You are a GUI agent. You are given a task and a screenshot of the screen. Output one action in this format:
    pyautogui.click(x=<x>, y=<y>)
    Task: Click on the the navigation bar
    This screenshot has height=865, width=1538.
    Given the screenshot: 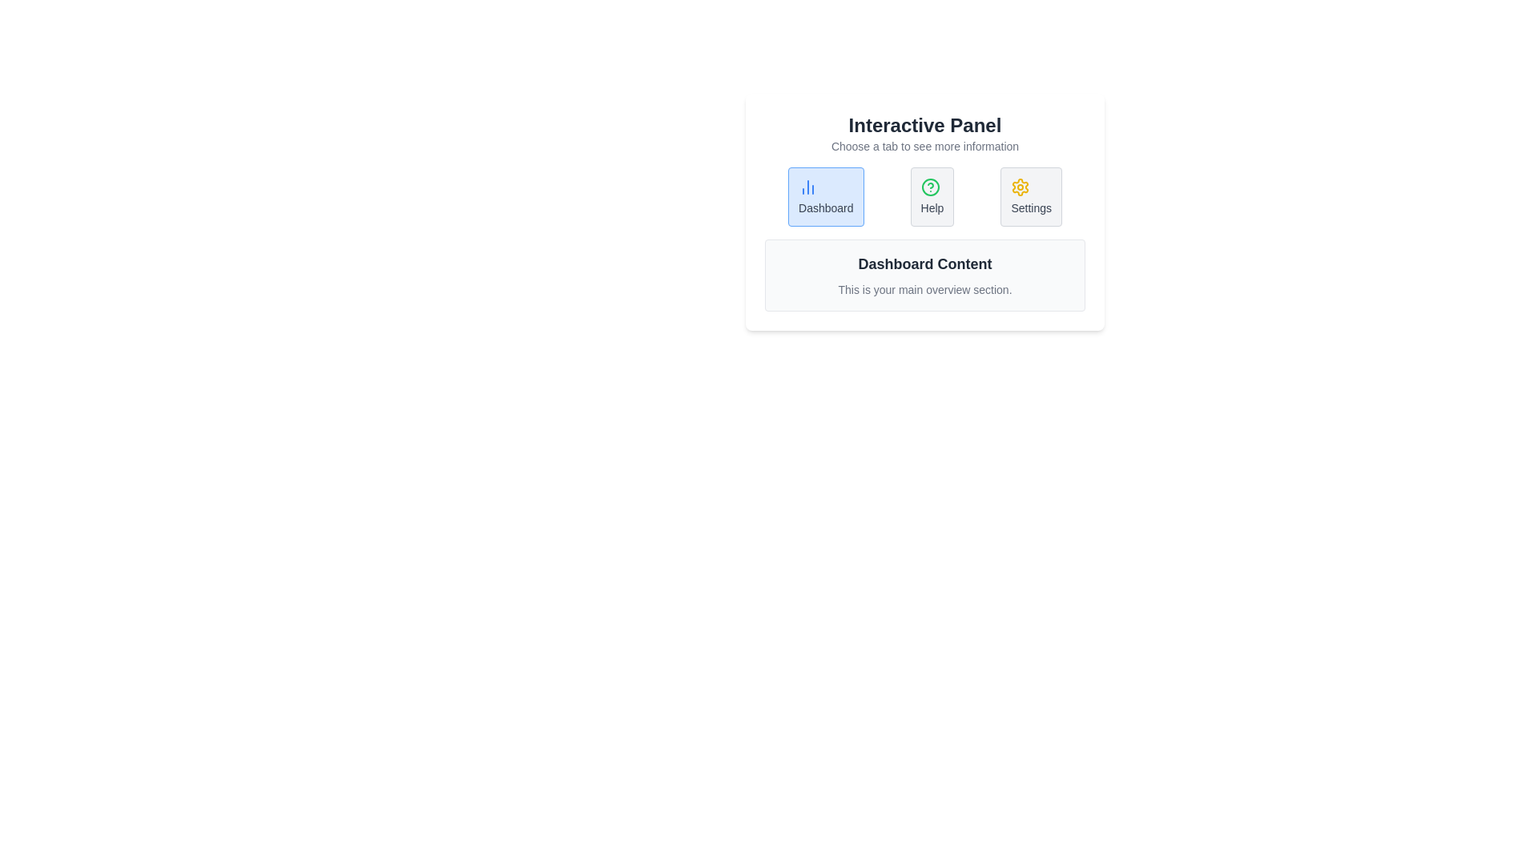 What is the action you would take?
    pyautogui.click(x=925, y=196)
    